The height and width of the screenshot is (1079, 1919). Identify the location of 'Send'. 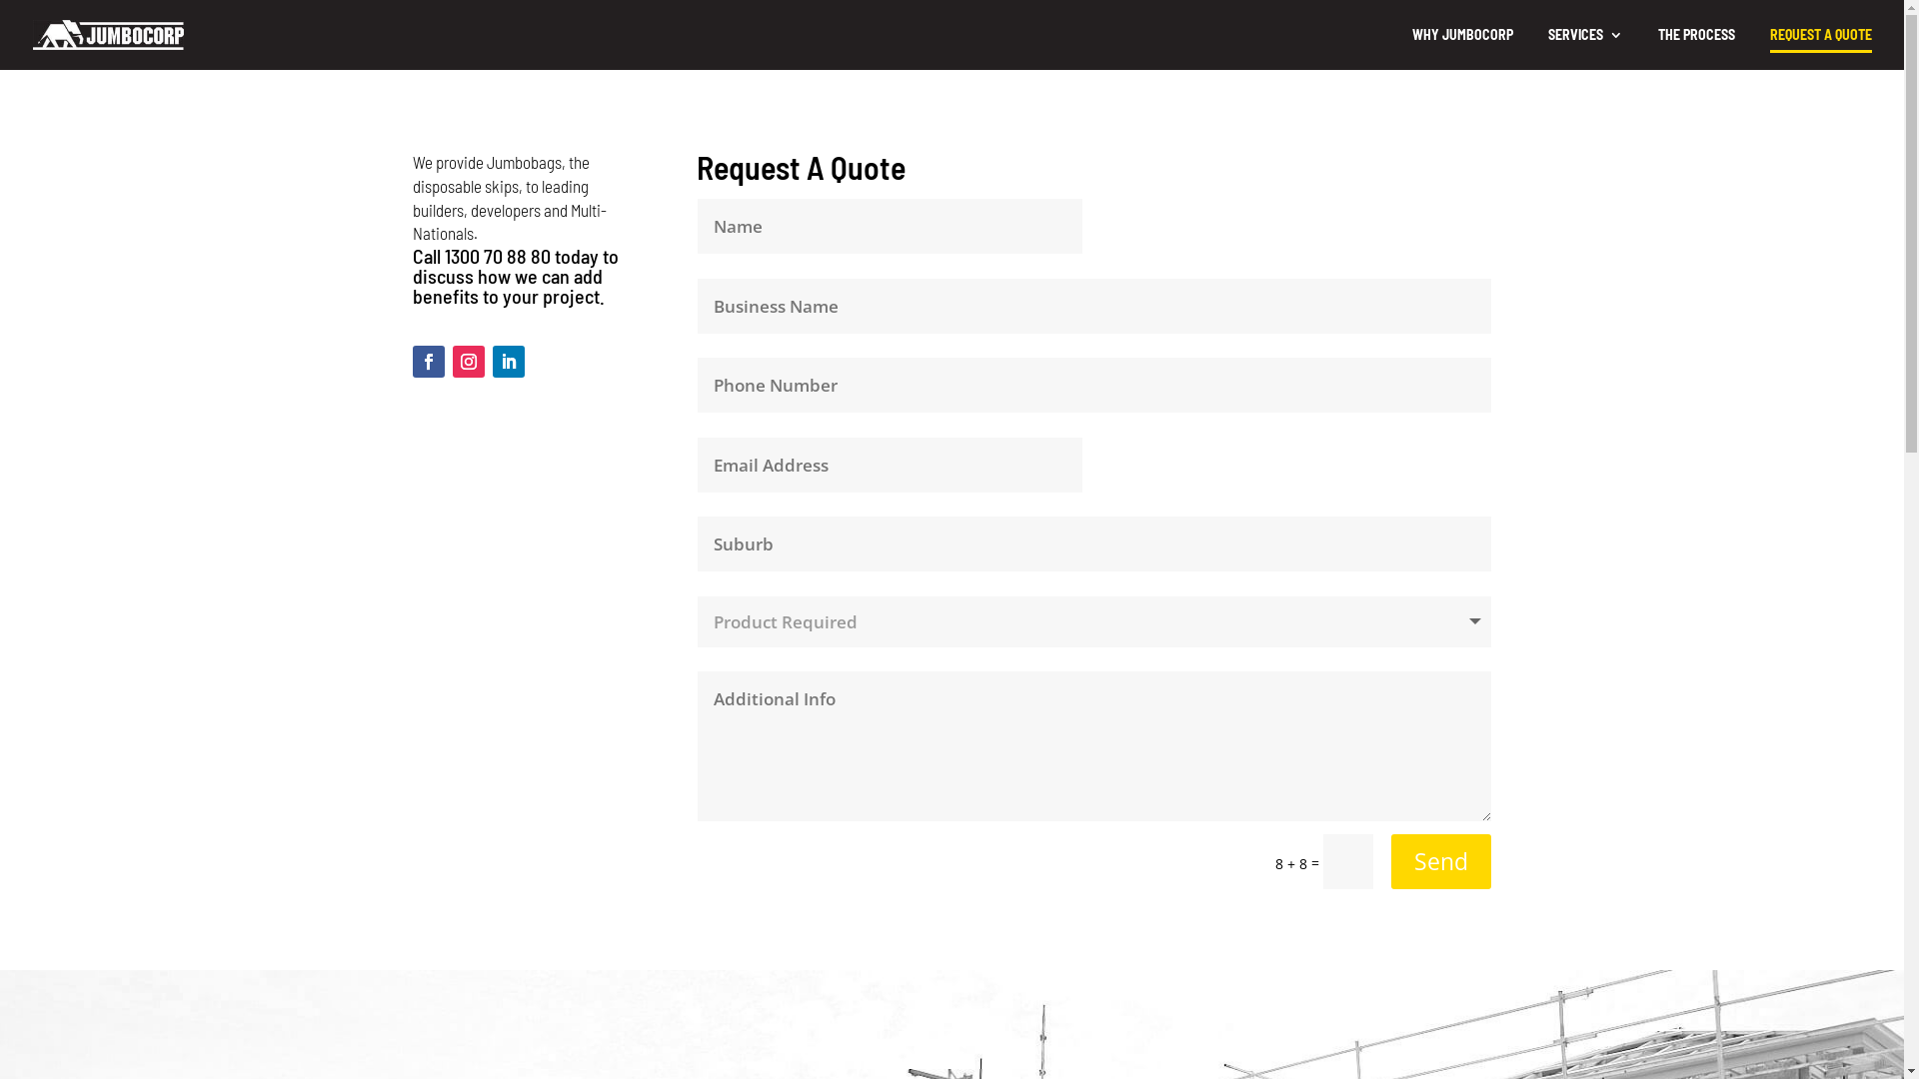
(1440, 860).